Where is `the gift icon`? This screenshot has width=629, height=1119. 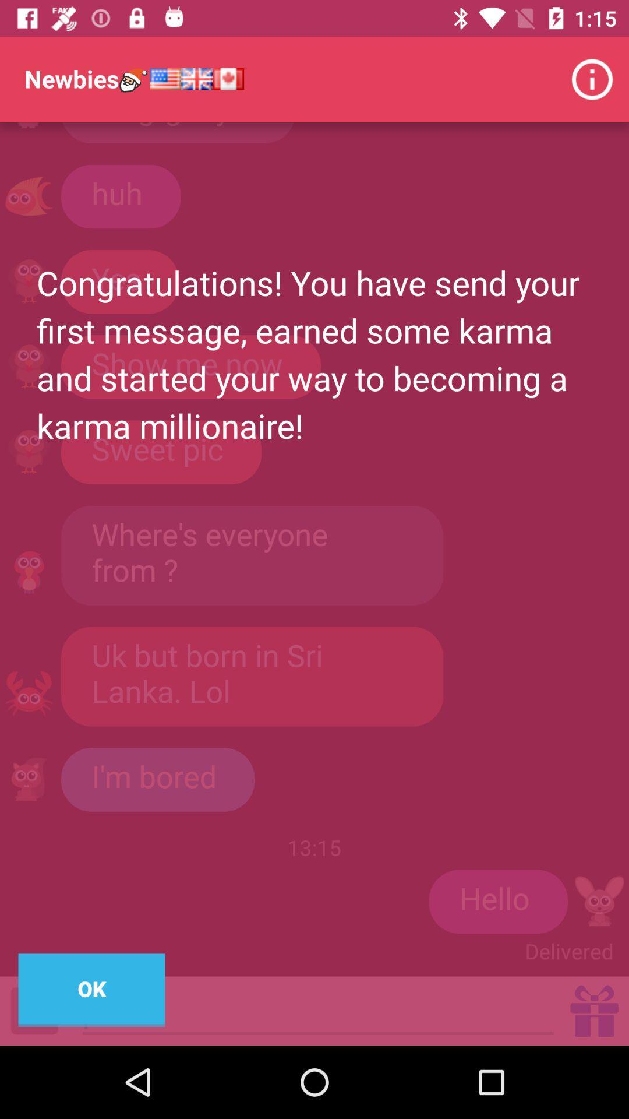 the gift icon is located at coordinates (594, 1010).